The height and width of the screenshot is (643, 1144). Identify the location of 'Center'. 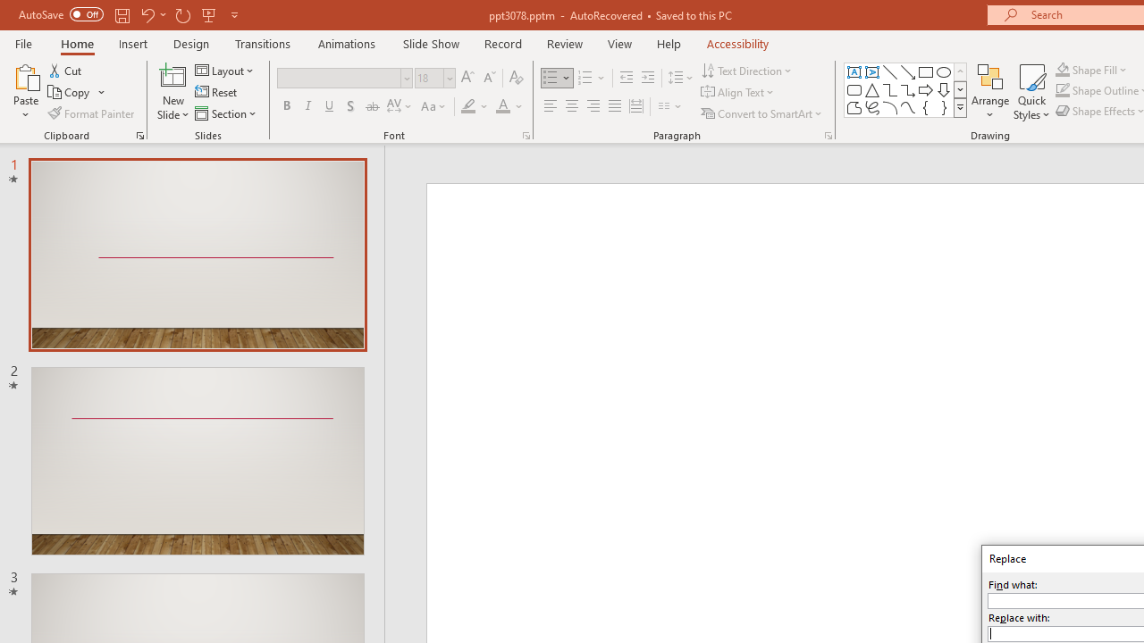
(572, 106).